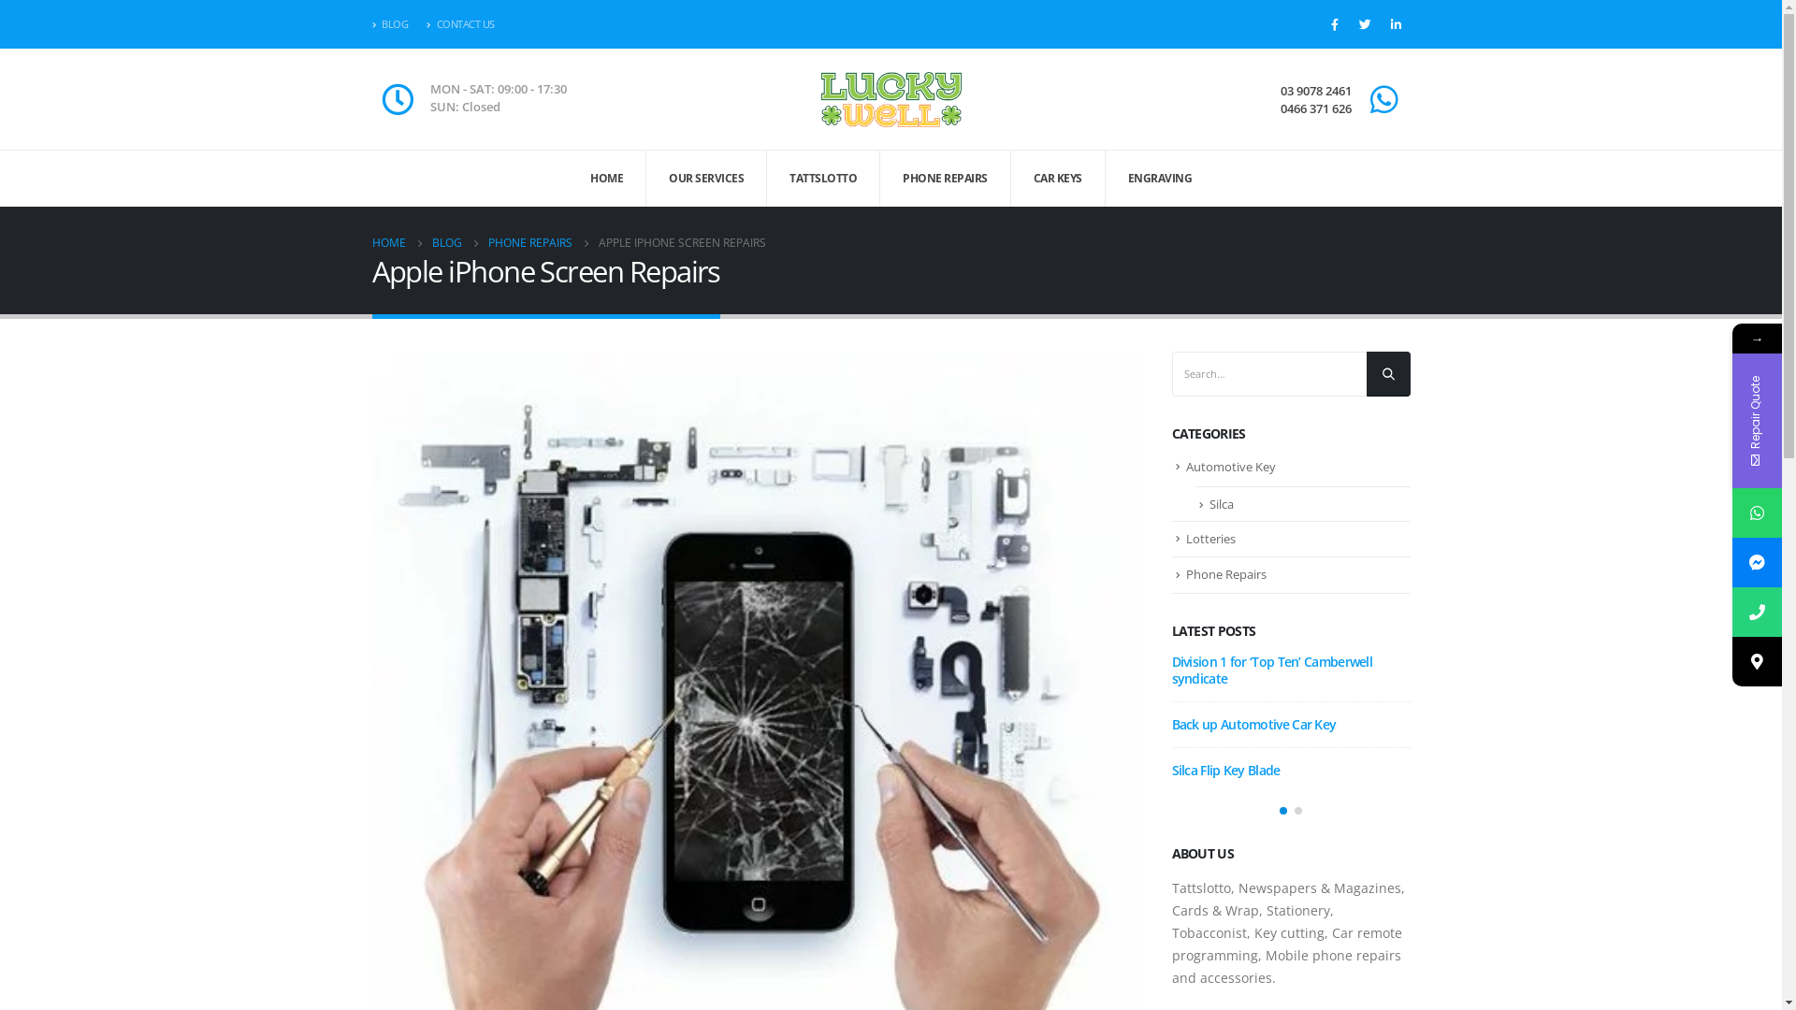  Describe the element at coordinates (1365, 24) in the screenshot. I see `'Twitter'` at that location.